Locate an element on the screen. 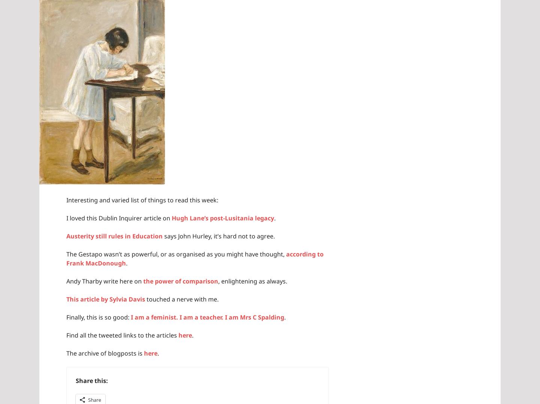 This screenshot has width=540, height=404. 'touched a nerve with me.' is located at coordinates (181, 299).